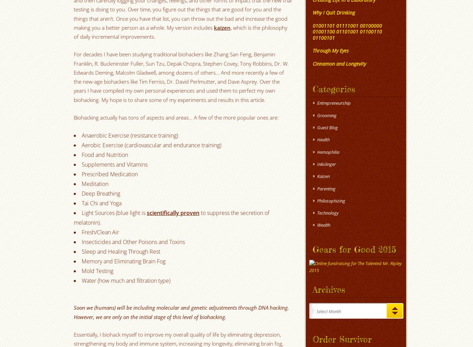 This screenshot has width=473, height=347. Describe the element at coordinates (82, 241) in the screenshot. I see `'Insecticides and Other Poisons and Toxins'` at that location.